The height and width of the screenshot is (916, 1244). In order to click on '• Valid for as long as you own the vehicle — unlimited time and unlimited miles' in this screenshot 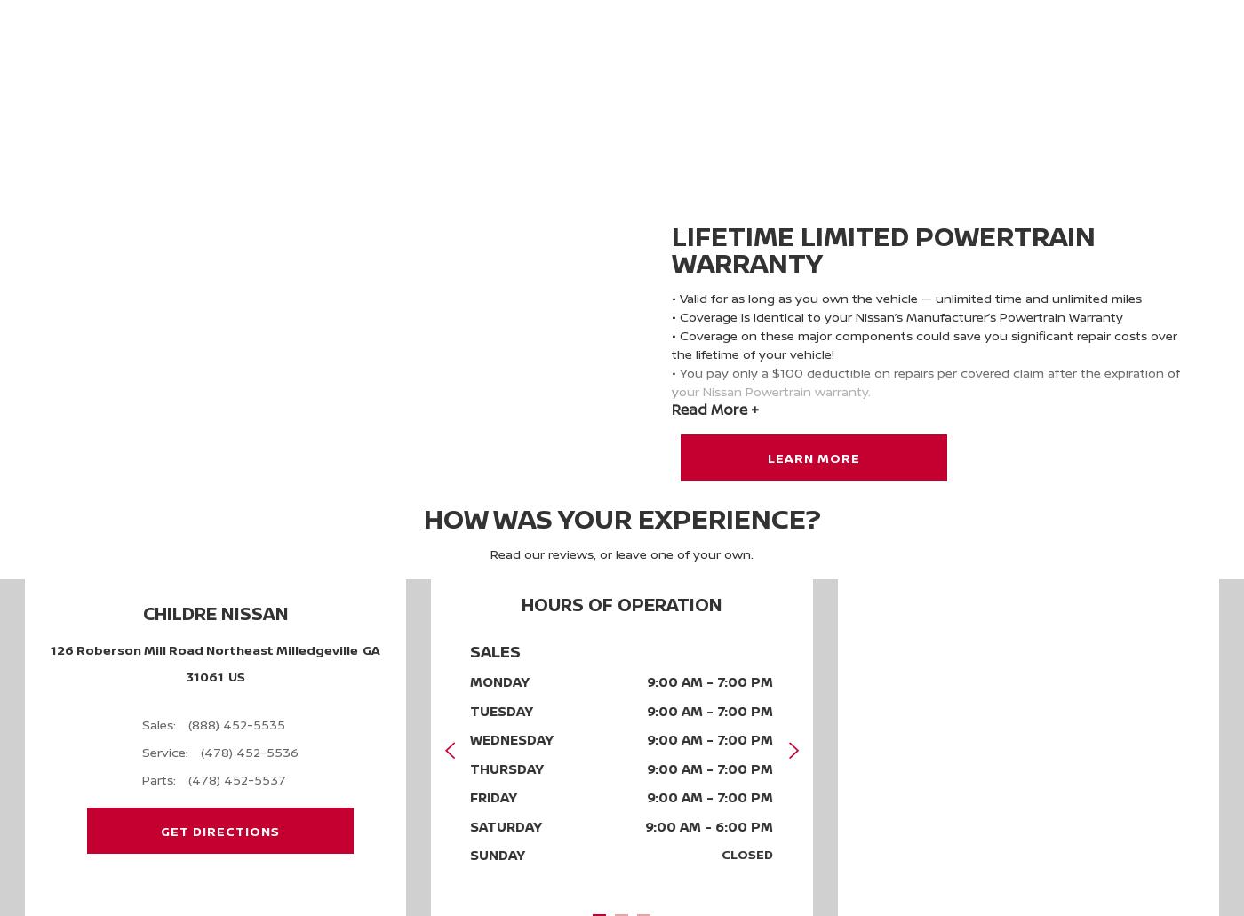, I will do `click(906, 296)`.